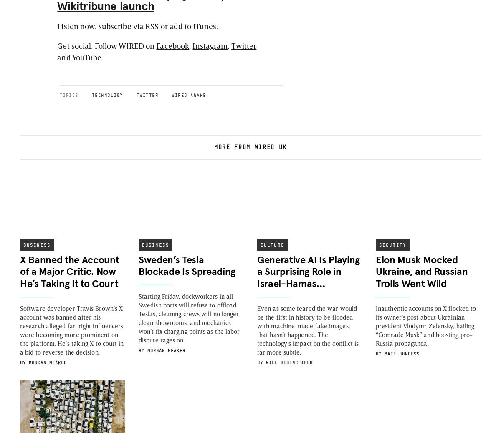 The height and width of the screenshot is (433, 501). I want to click on 'Instagram', so click(210, 45).